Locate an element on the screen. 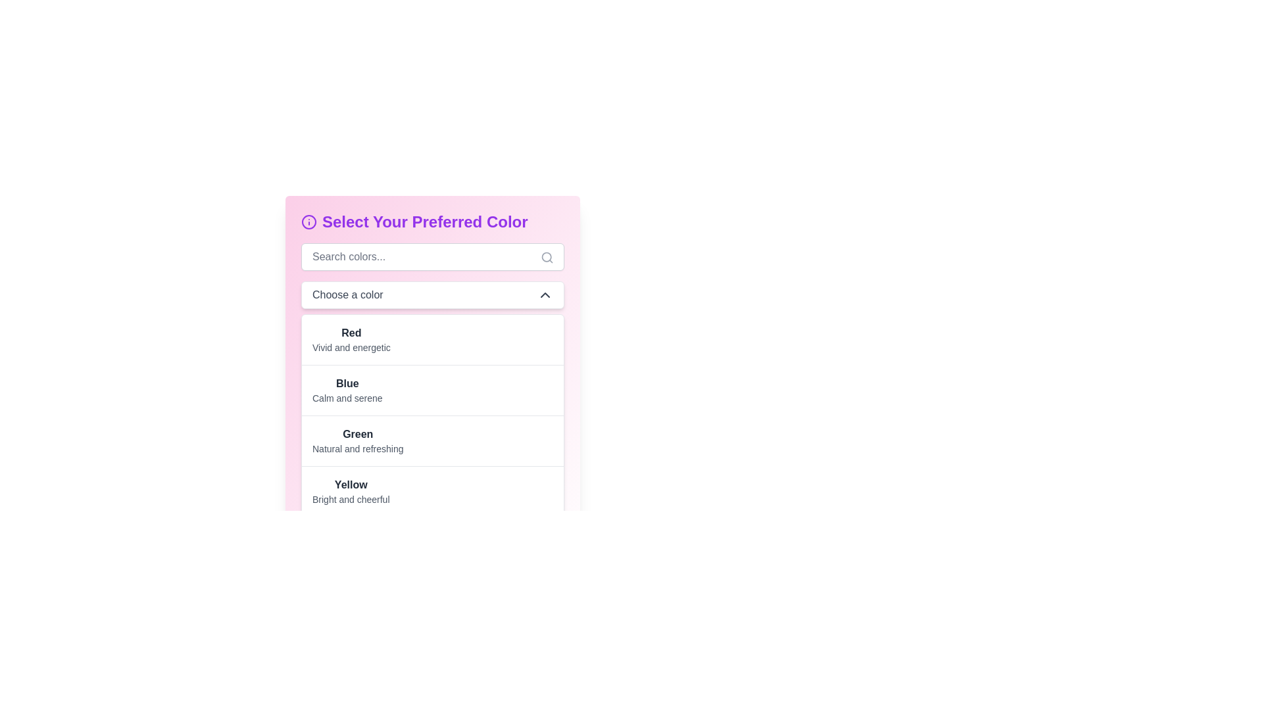 The width and height of the screenshot is (1263, 710). the text label displaying 'Bright and cheerful', which is located directly below the 'Yellow' label in the color option list is located at coordinates (351, 499).